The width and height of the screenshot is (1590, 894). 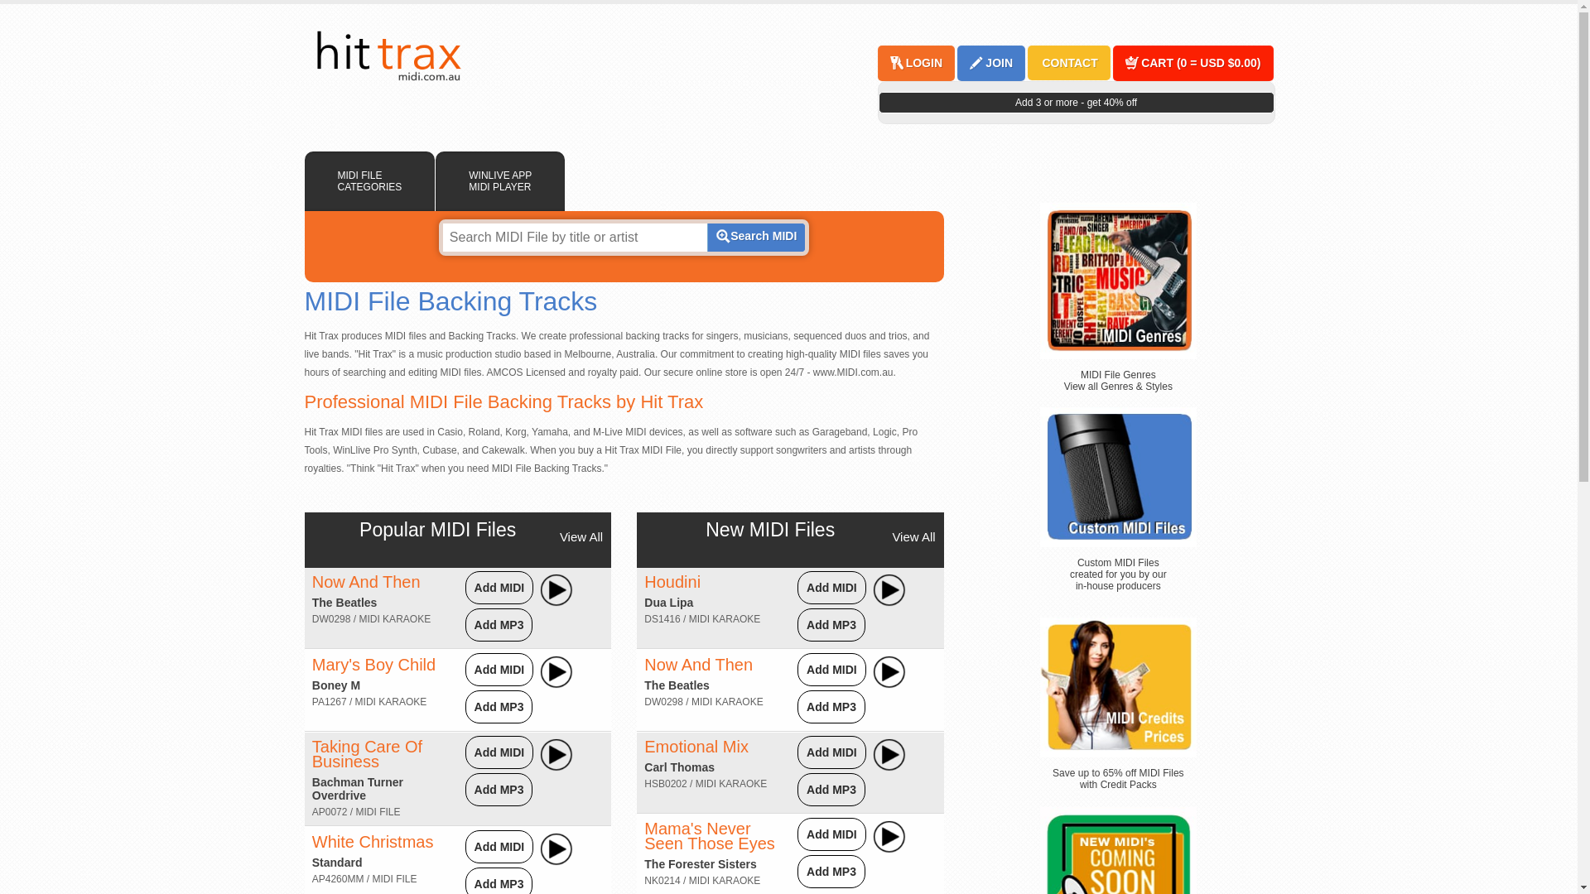 What do you see at coordinates (387, 55) in the screenshot?
I see `'MIDI Files Backing Tracks'` at bounding box center [387, 55].